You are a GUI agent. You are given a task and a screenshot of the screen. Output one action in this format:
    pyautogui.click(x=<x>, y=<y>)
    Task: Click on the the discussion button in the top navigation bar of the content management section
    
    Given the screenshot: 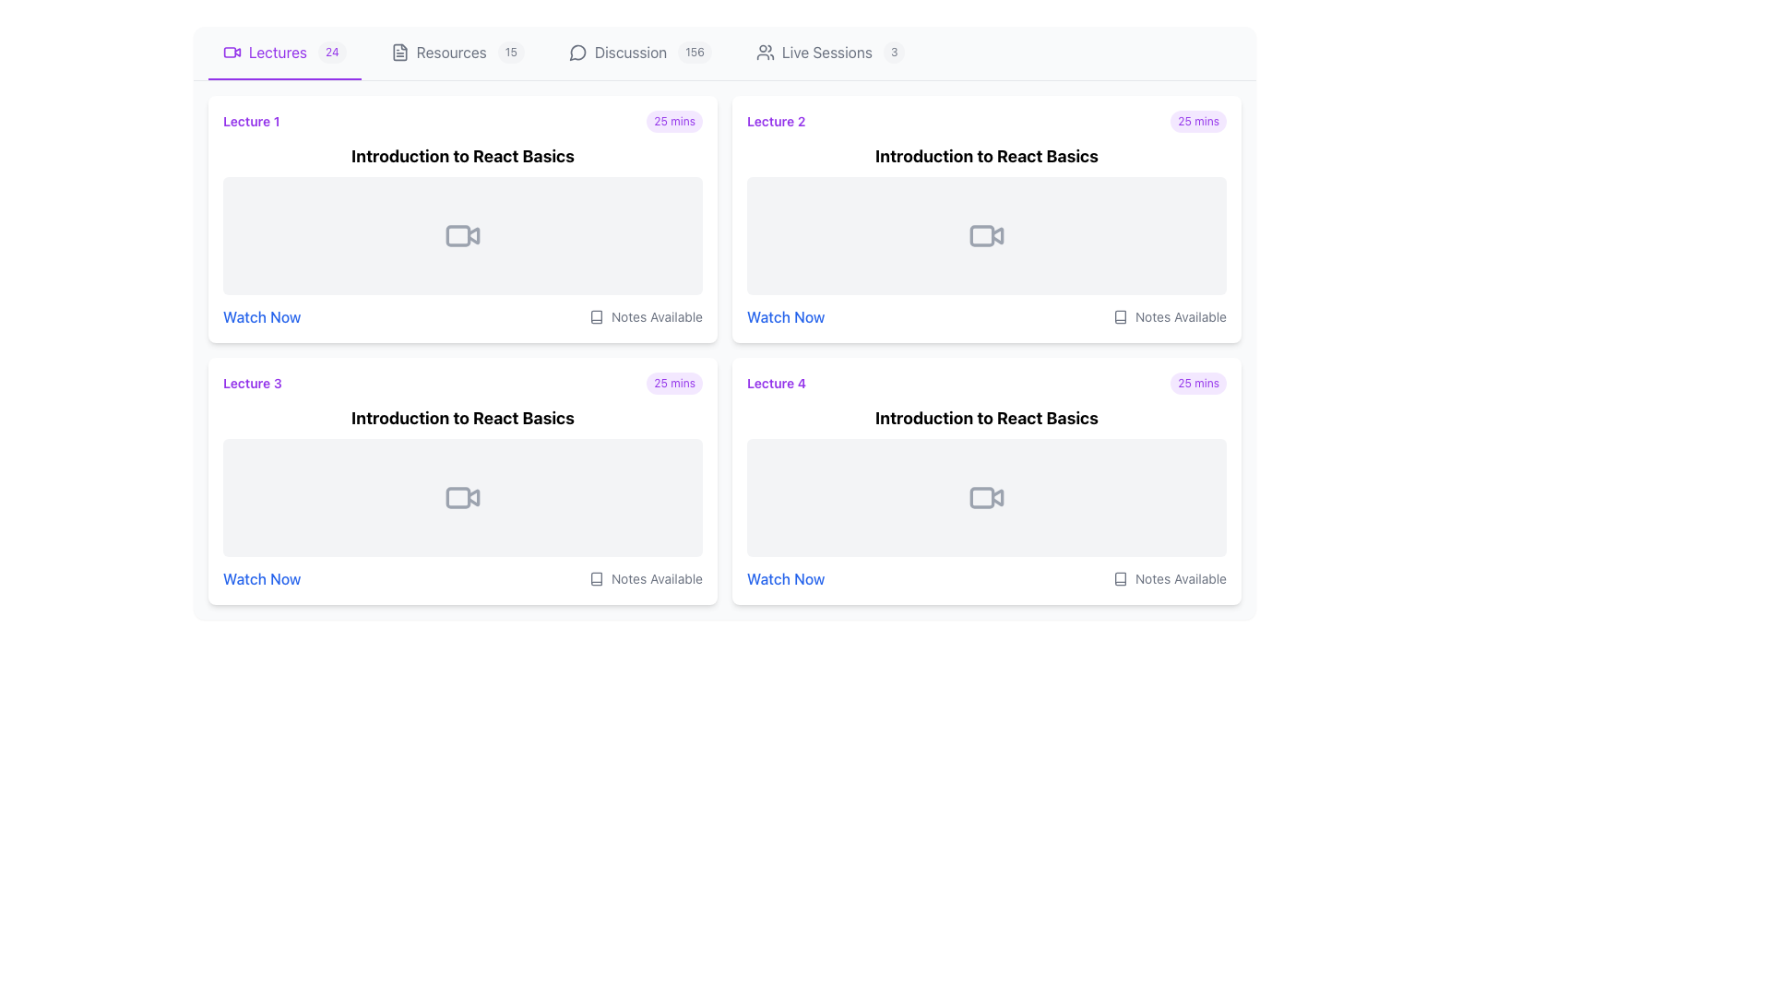 What is the action you would take?
    pyautogui.click(x=640, y=52)
    